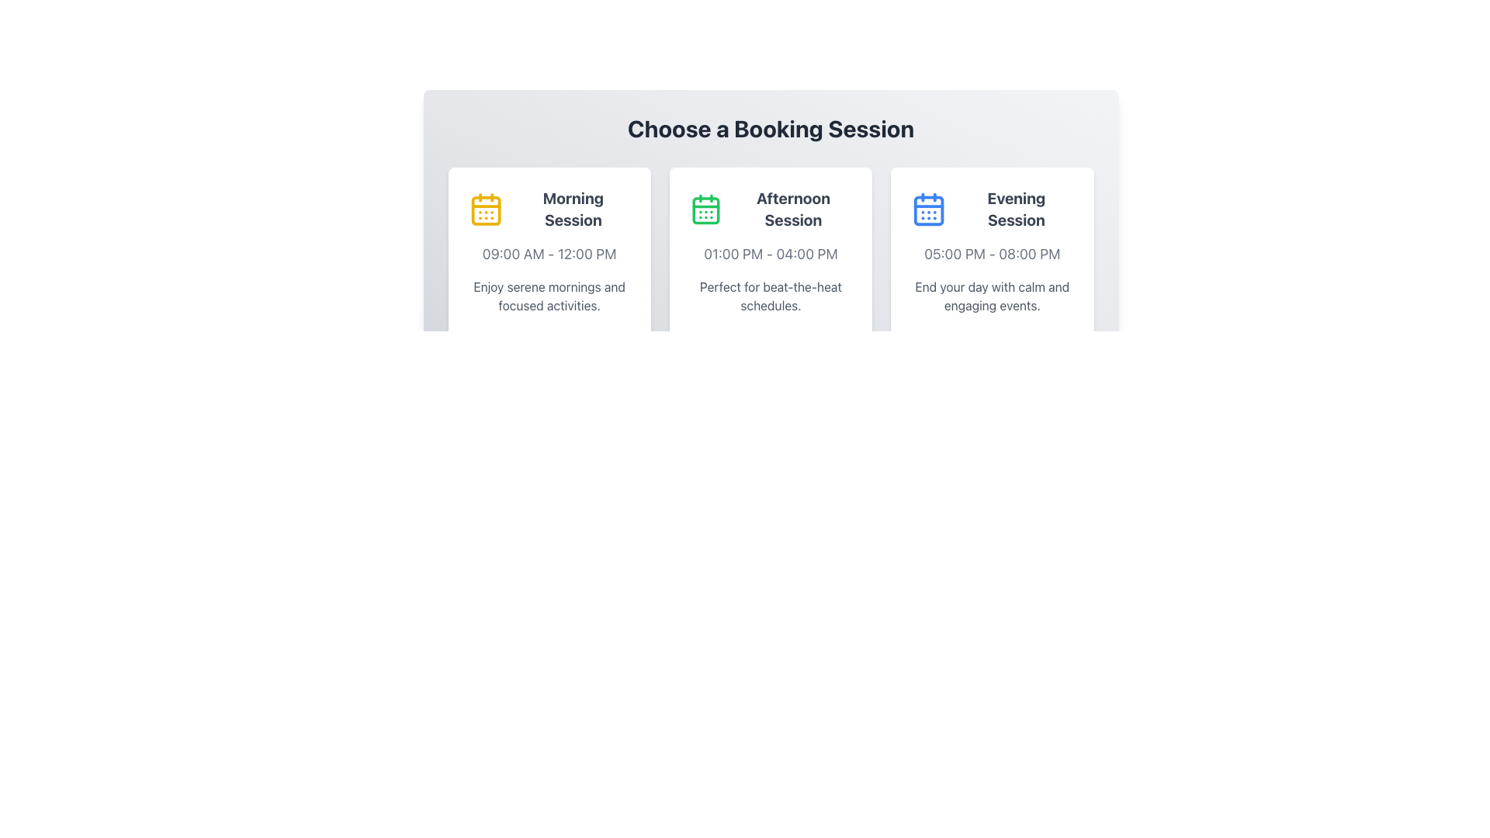  I want to click on the descriptive text element located in the rightmost card under 'Evening Session', which is positioned directly below the time range '05:00 PM - 08:00 PM', so click(991, 296).